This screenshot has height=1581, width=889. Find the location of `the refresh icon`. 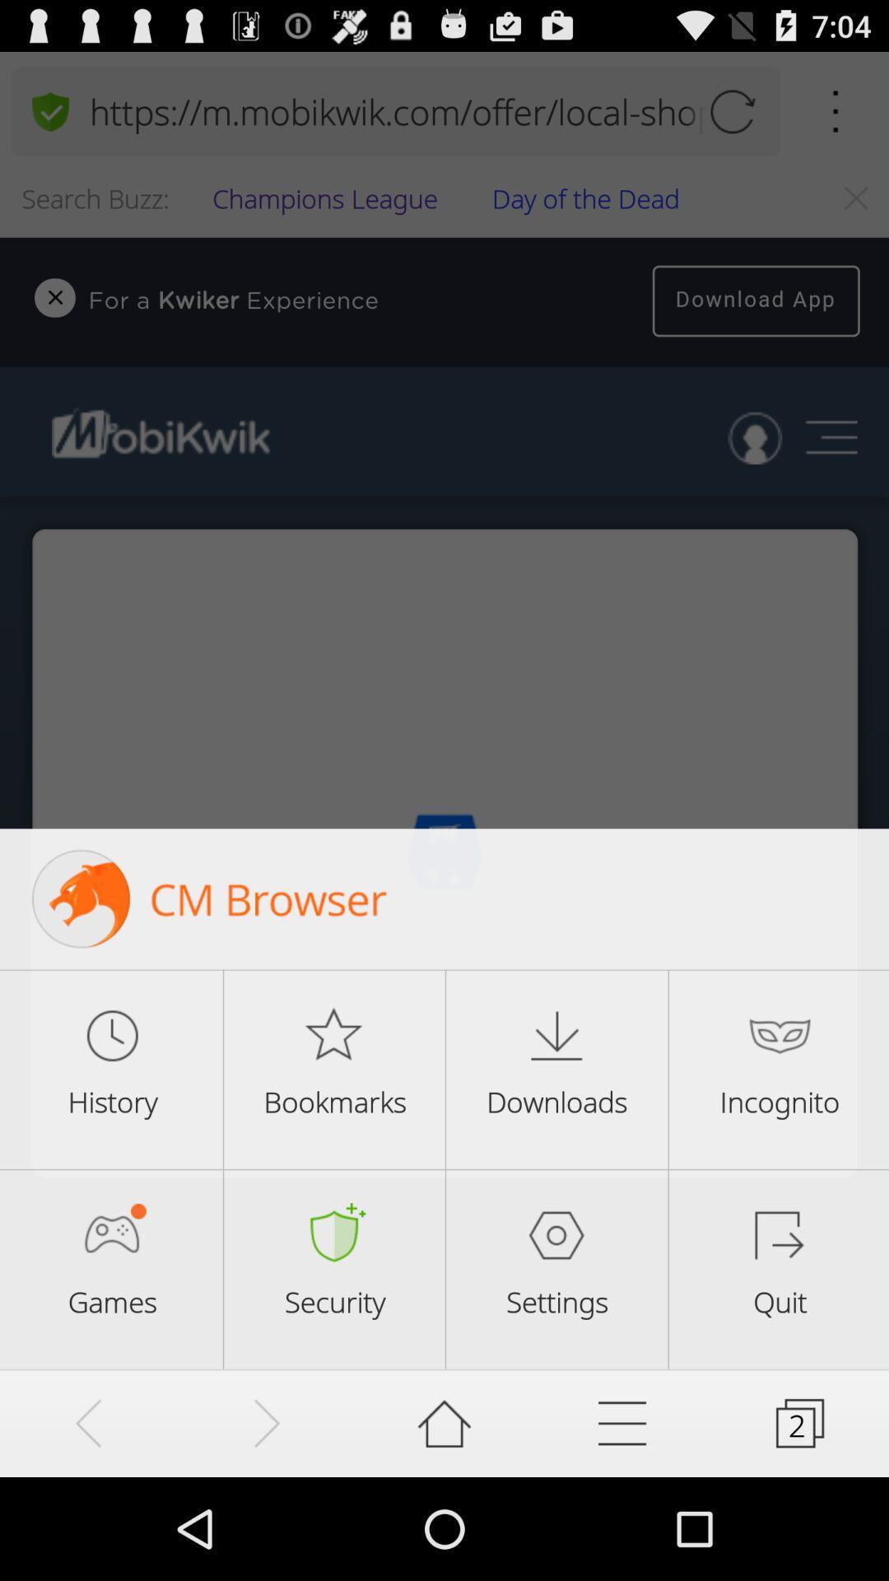

the refresh icon is located at coordinates (731, 119).